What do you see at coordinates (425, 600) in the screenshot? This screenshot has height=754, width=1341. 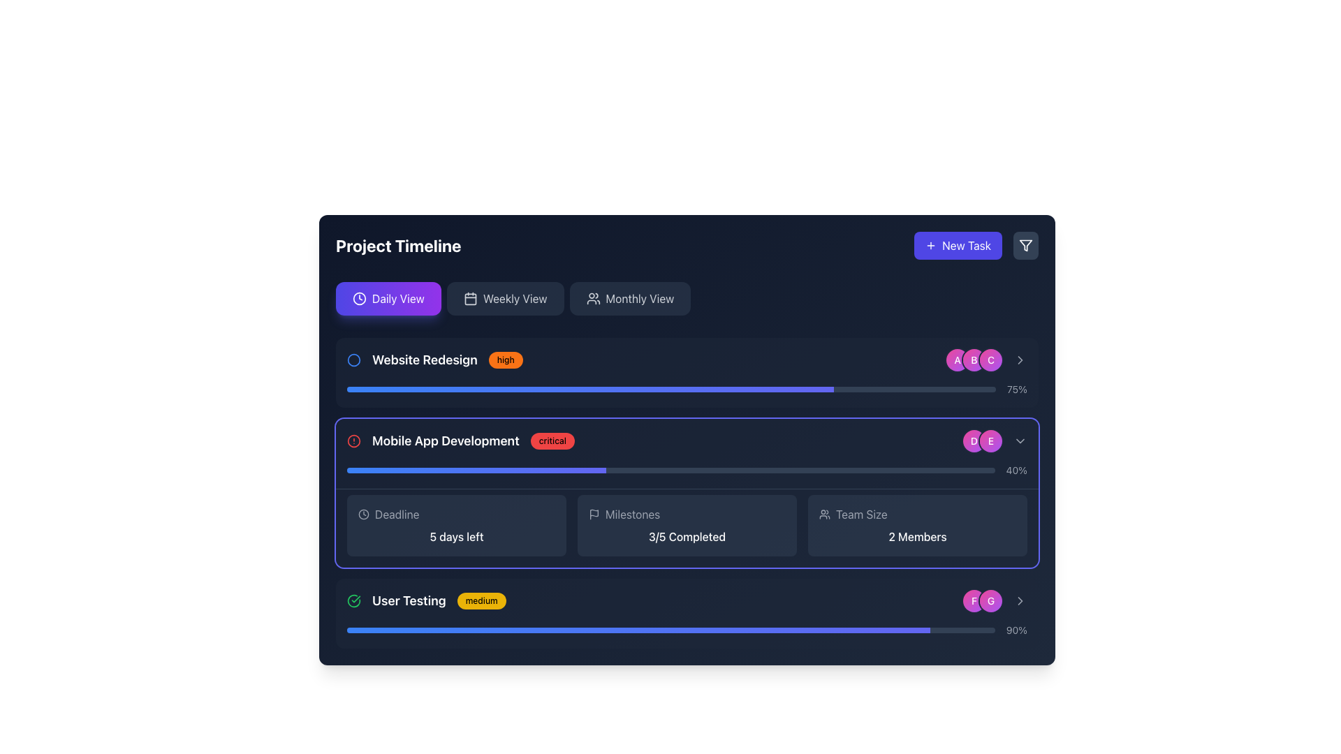 I see `the Composite label that includes a green checkmark icon, the text 'User Testing', and a yellow 'medium' tag, located near the bottom of the interface` at bounding box center [425, 600].